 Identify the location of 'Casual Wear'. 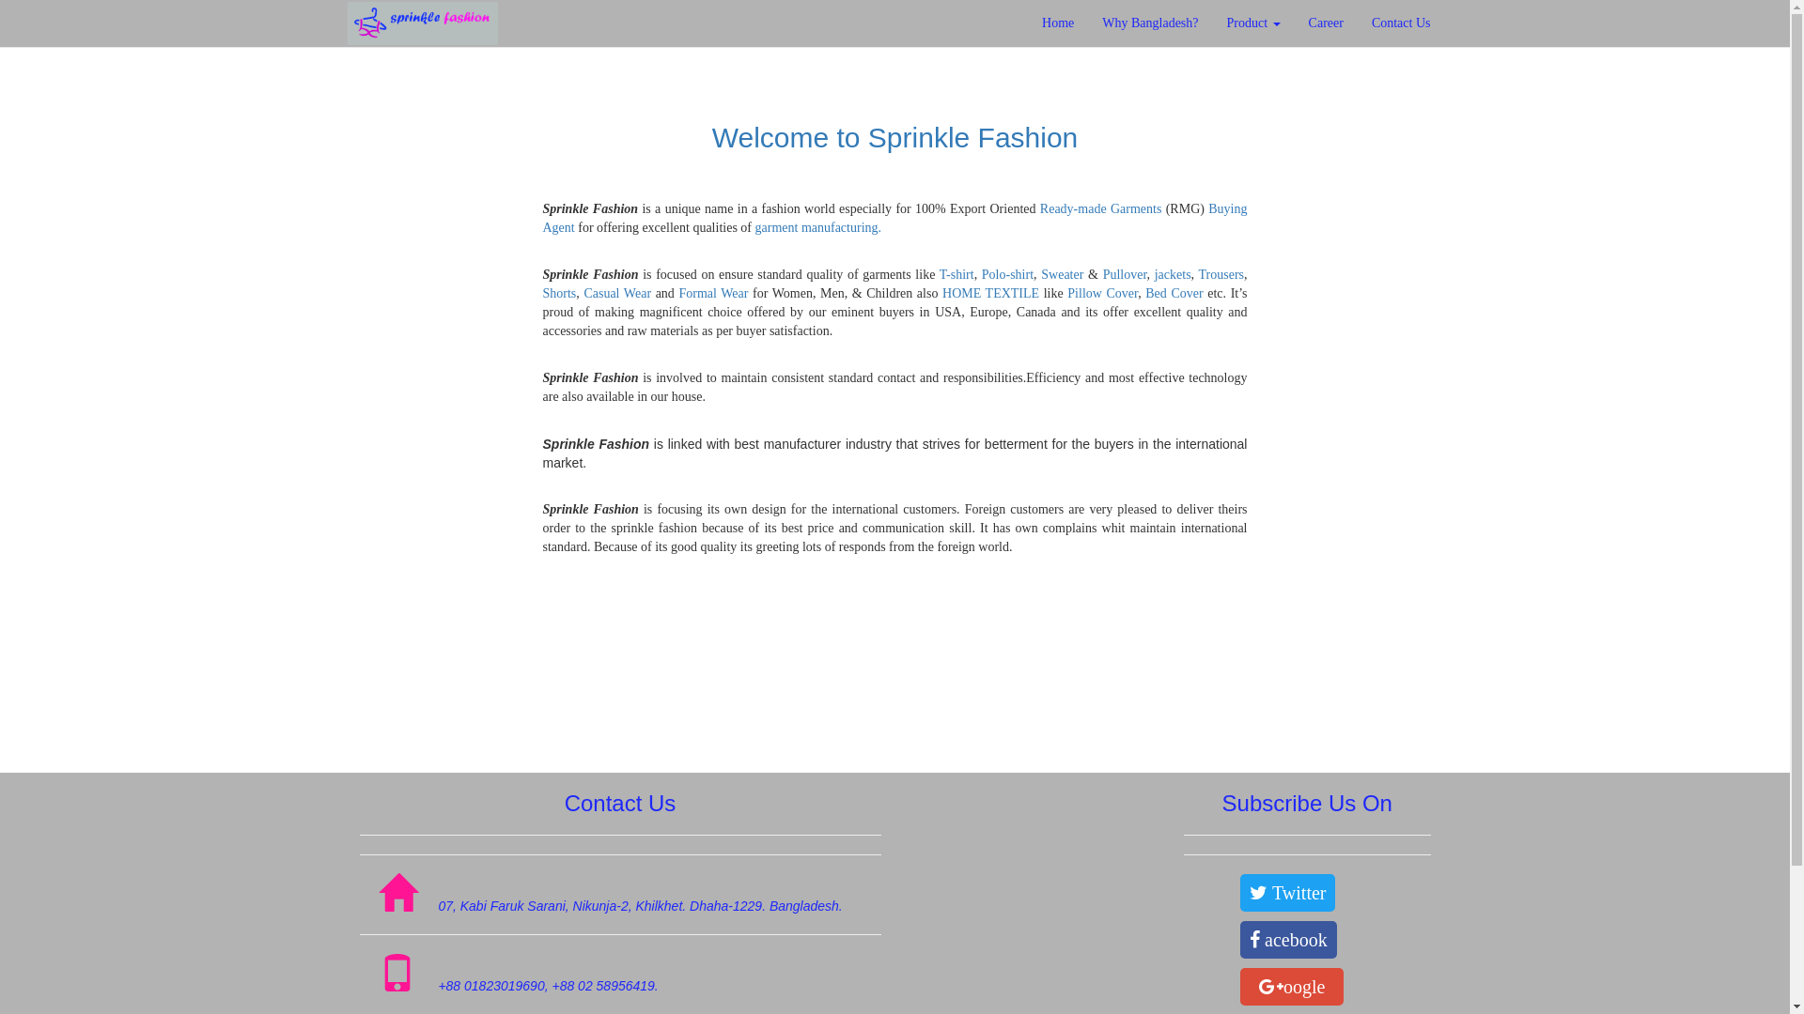
(617, 293).